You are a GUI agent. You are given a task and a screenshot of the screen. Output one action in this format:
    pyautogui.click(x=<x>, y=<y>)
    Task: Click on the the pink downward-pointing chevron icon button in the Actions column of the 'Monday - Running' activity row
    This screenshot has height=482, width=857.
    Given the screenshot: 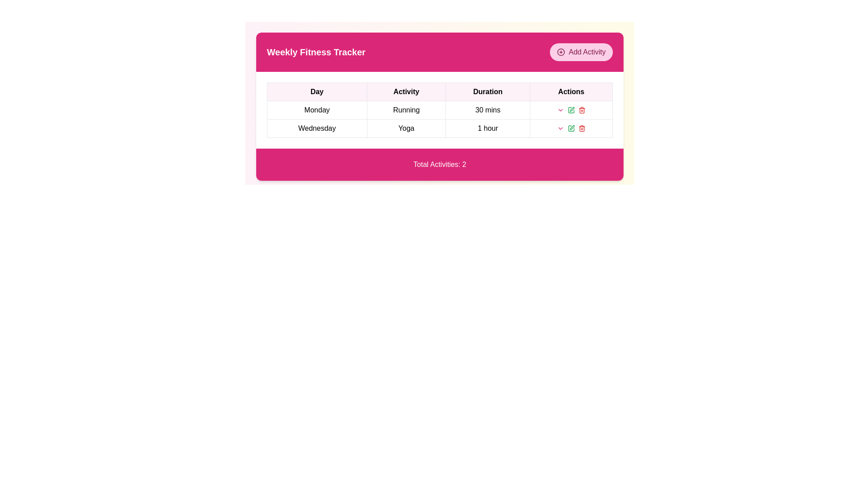 What is the action you would take?
    pyautogui.click(x=560, y=129)
    